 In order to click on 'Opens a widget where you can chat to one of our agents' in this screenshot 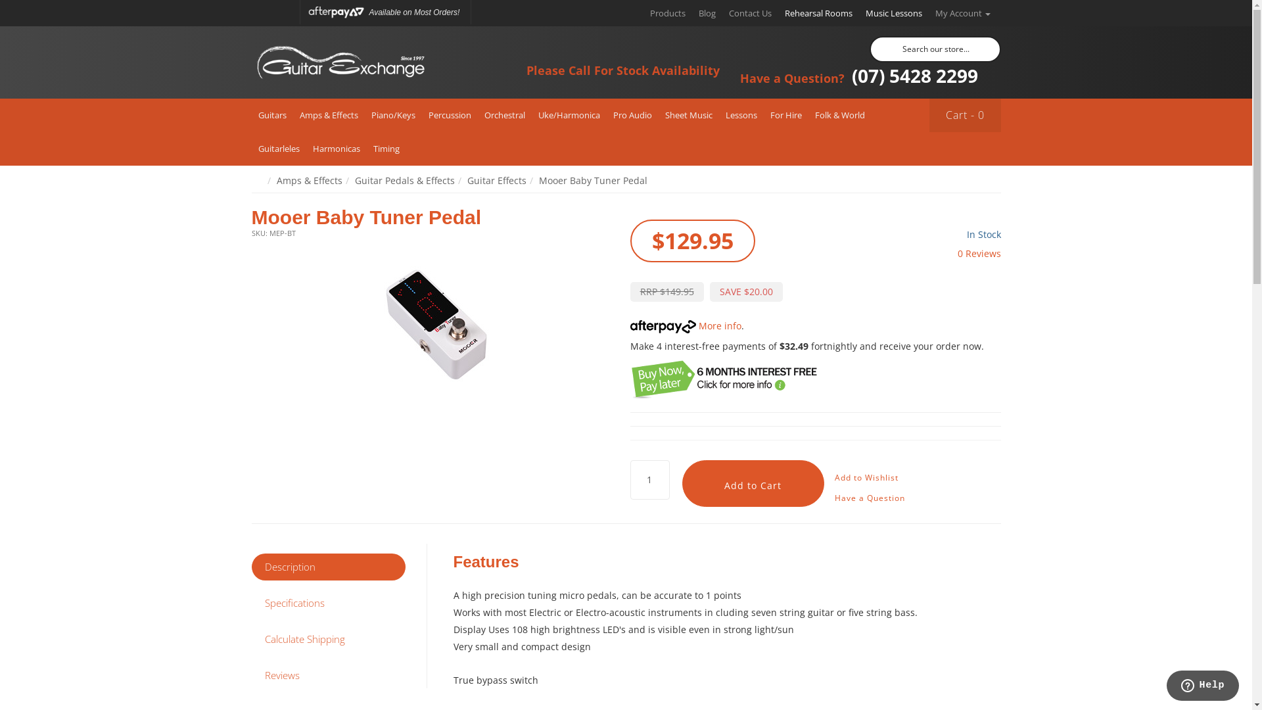, I will do `click(1202, 686)`.